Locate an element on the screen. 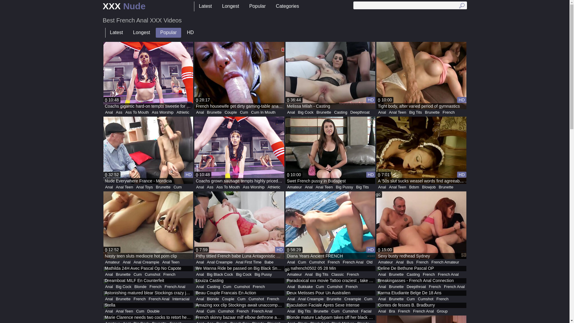  'Bra' is located at coordinates (392, 311).